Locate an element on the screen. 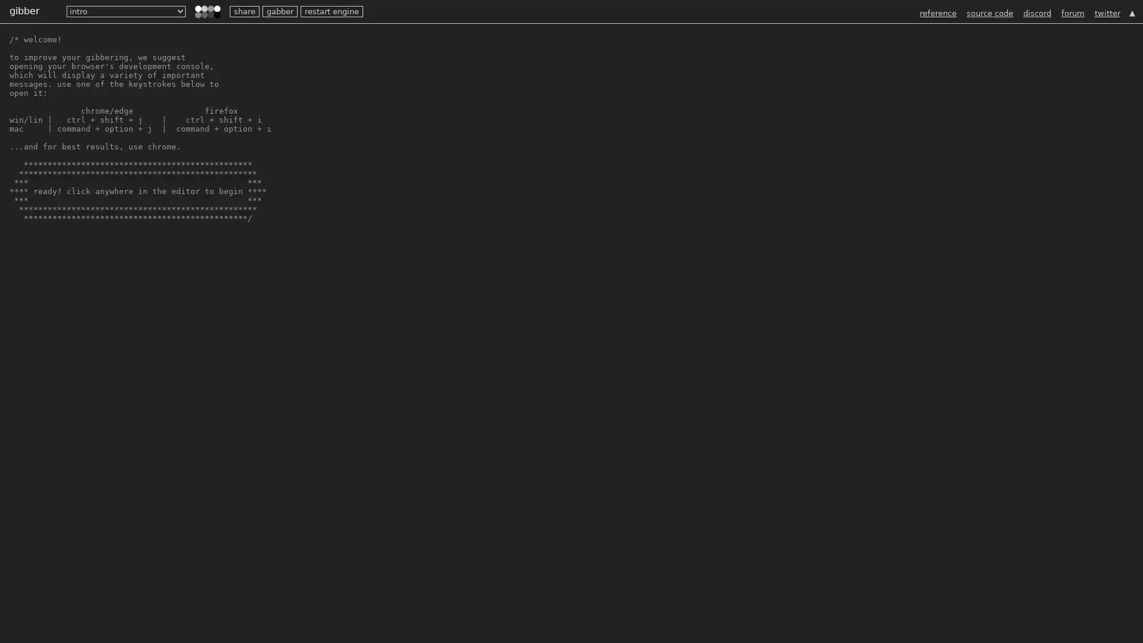 This screenshot has width=1143, height=643. share is located at coordinates (244, 11).